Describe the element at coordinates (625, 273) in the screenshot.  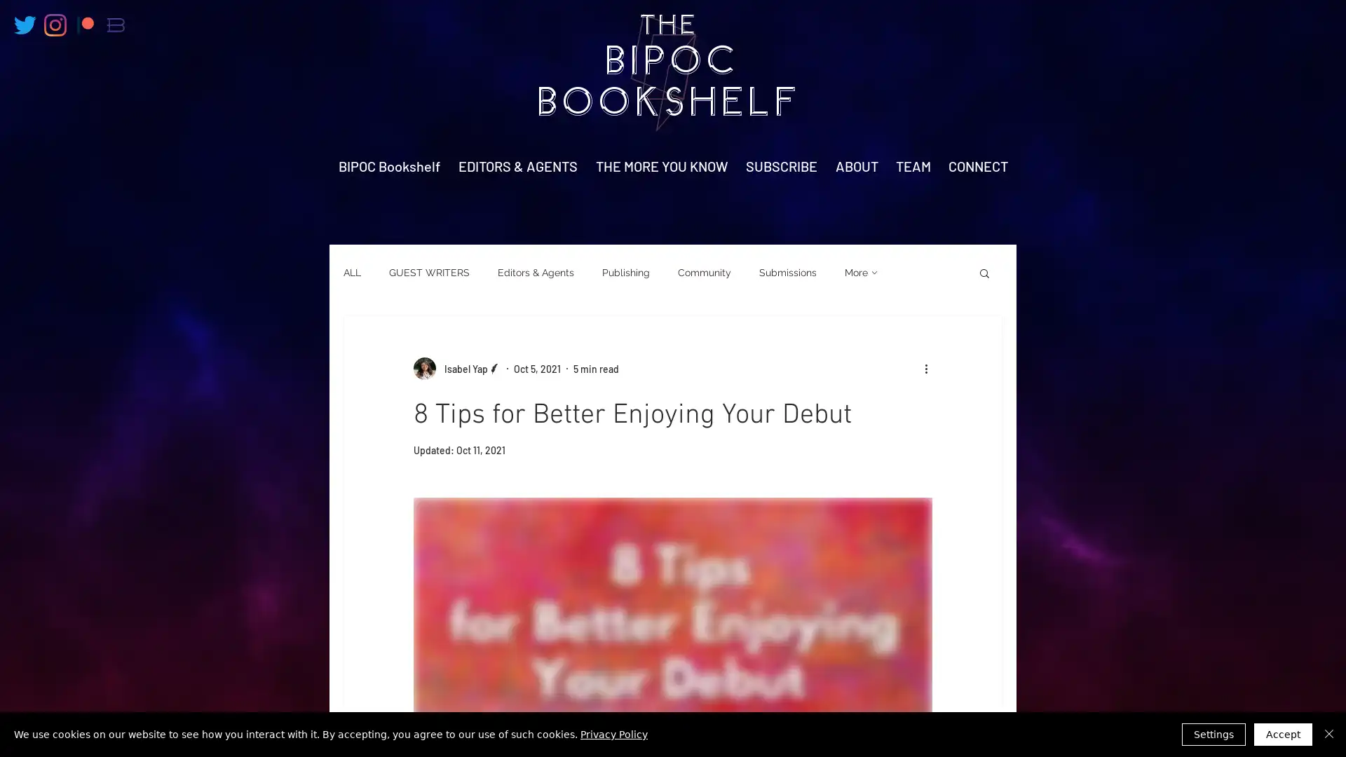
I see `Publishing` at that location.